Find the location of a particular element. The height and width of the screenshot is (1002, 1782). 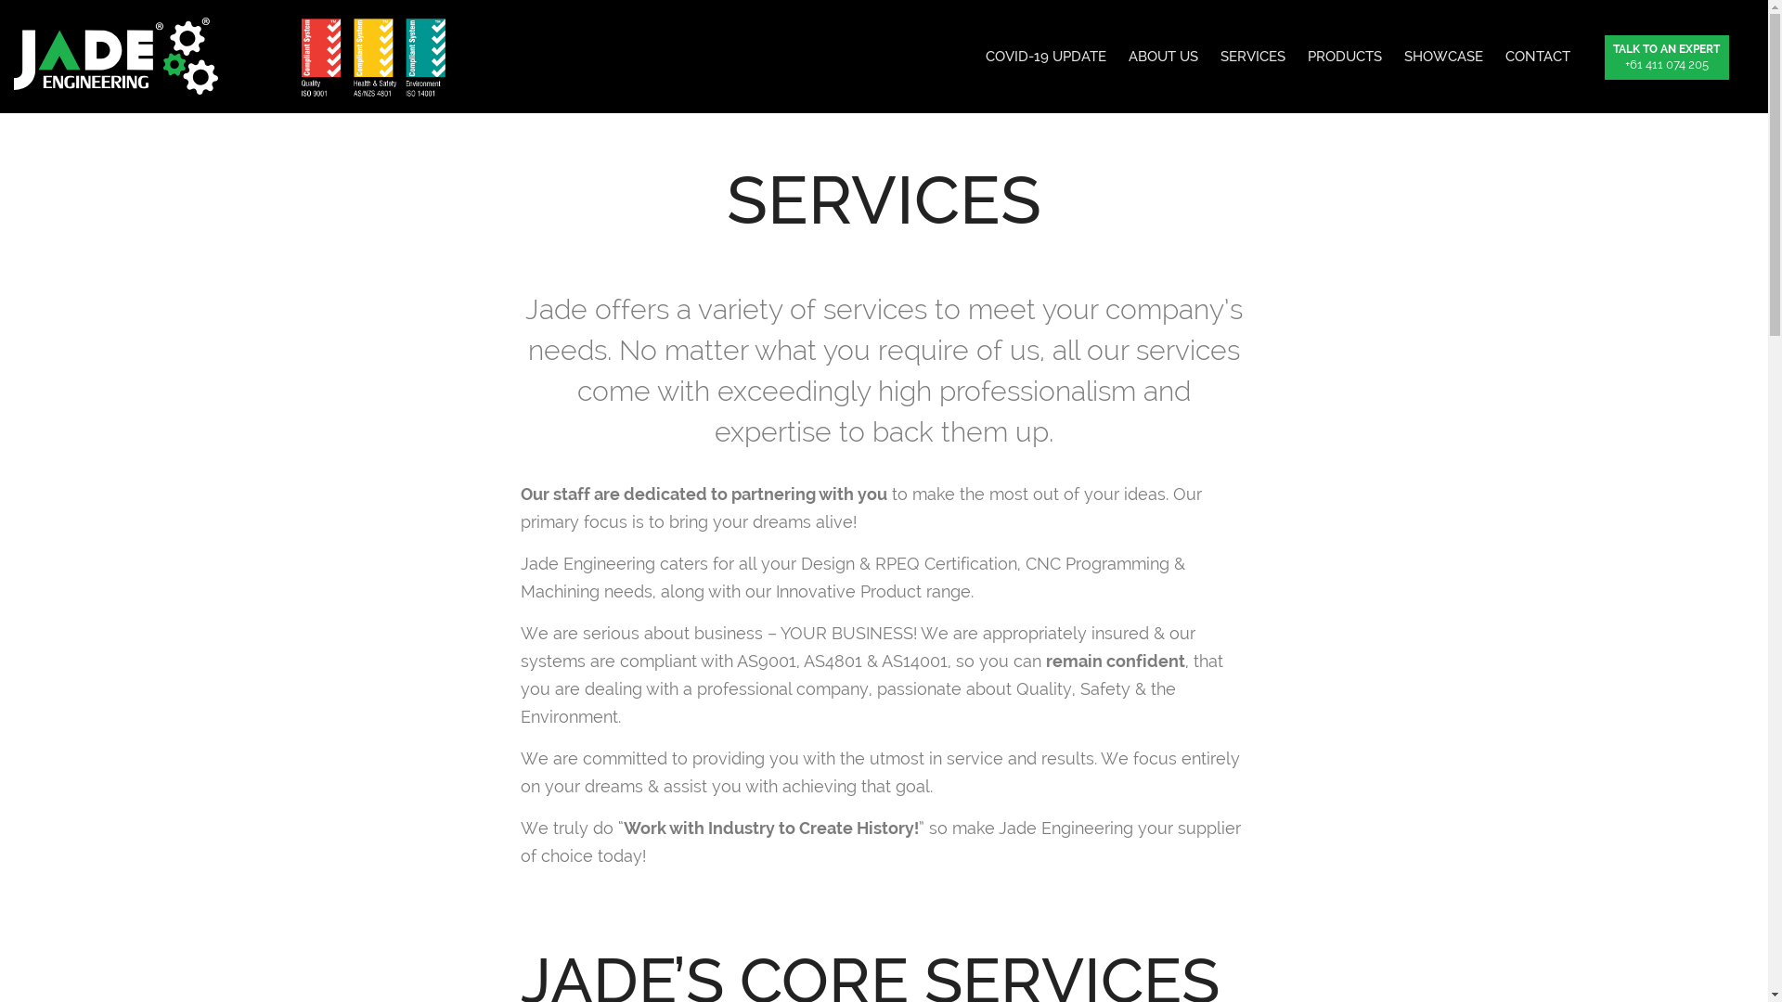

'SHOWCASE' is located at coordinates (1391, 56).